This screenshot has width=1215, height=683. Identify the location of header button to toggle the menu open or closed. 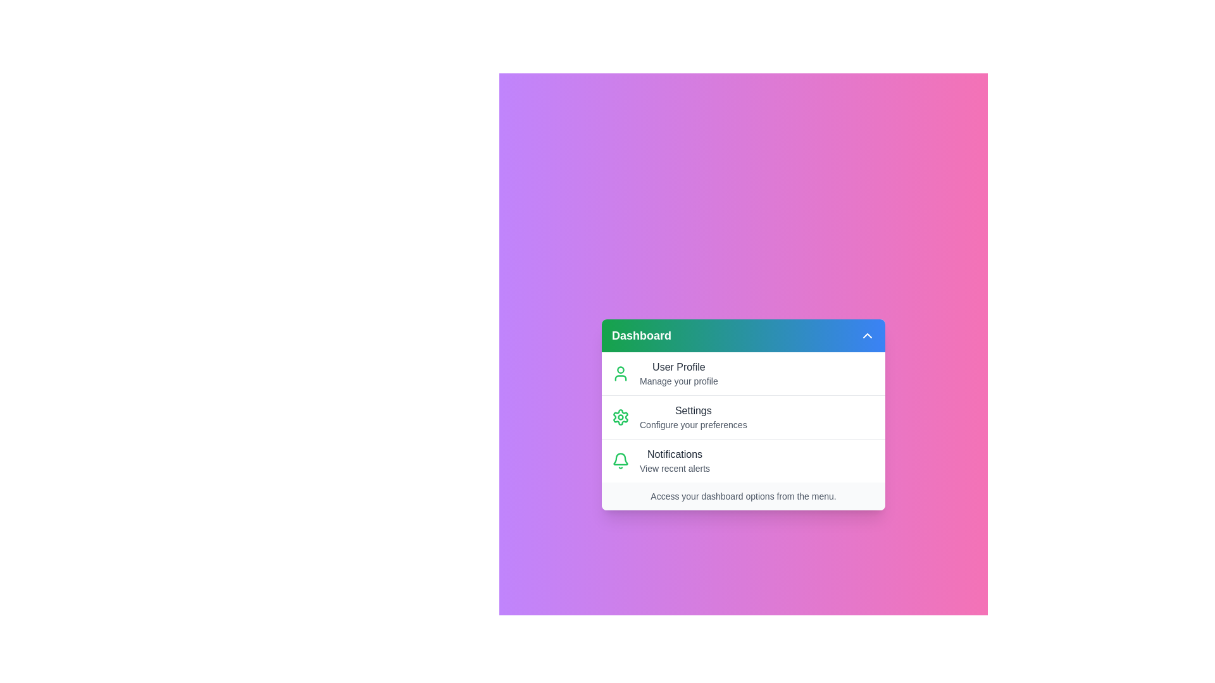
(867, 335).